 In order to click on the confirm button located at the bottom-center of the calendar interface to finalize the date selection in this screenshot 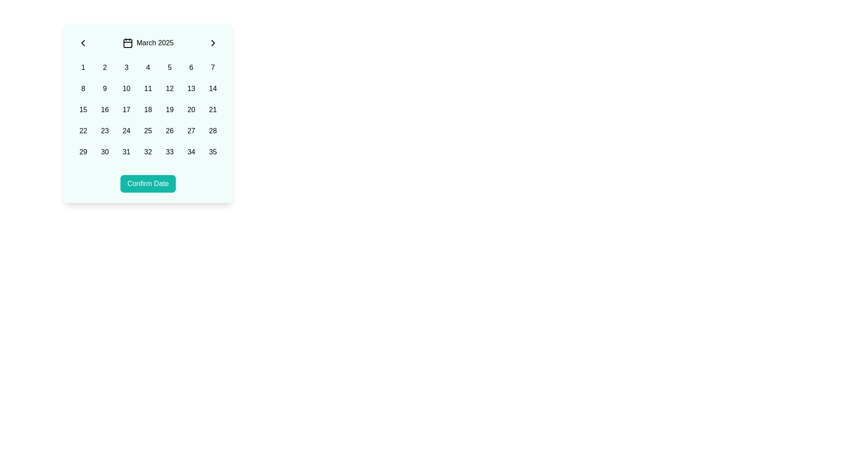, I will do `click(148, 183)`.